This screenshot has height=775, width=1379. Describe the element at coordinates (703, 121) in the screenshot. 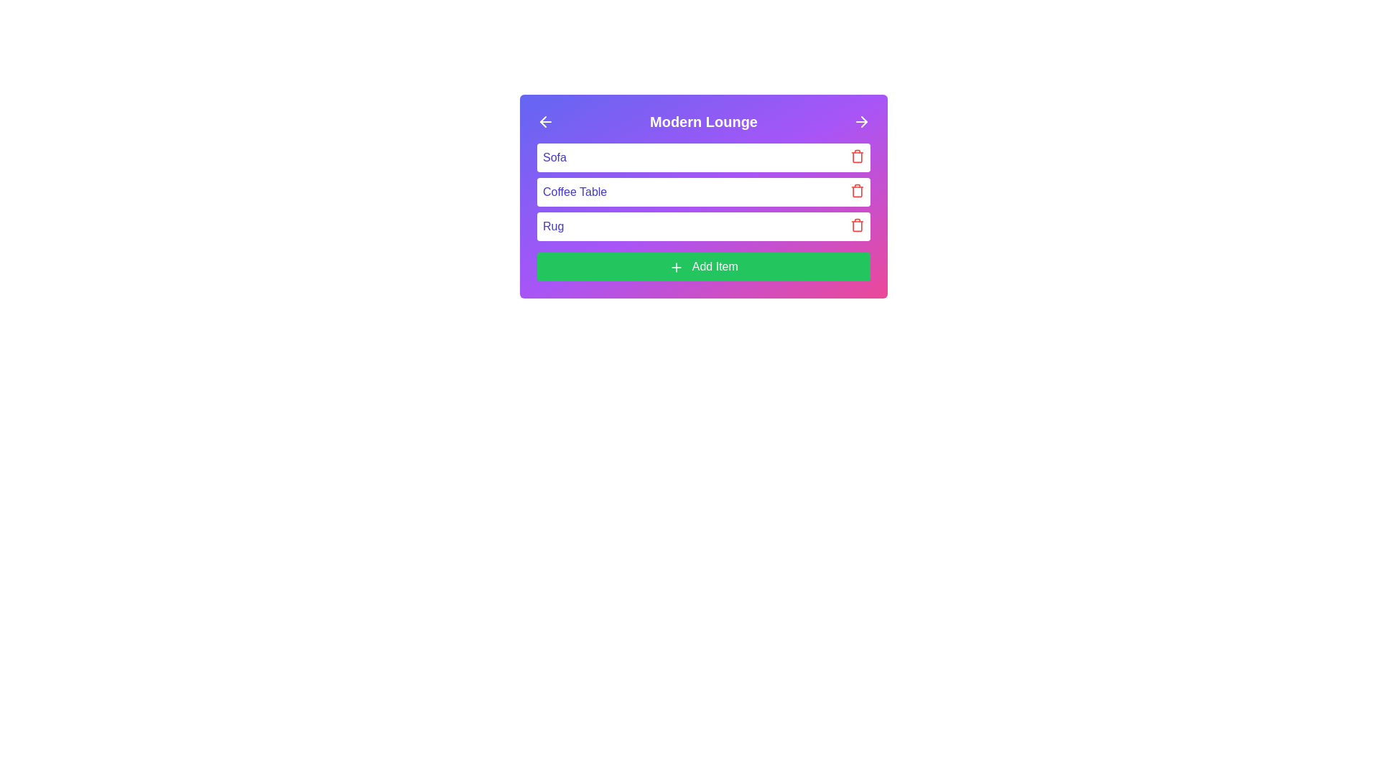

I see `the 'Modern Lounge' header text, which is prominently displayed in bold font at the top of the interface with a gradient background` at that location.